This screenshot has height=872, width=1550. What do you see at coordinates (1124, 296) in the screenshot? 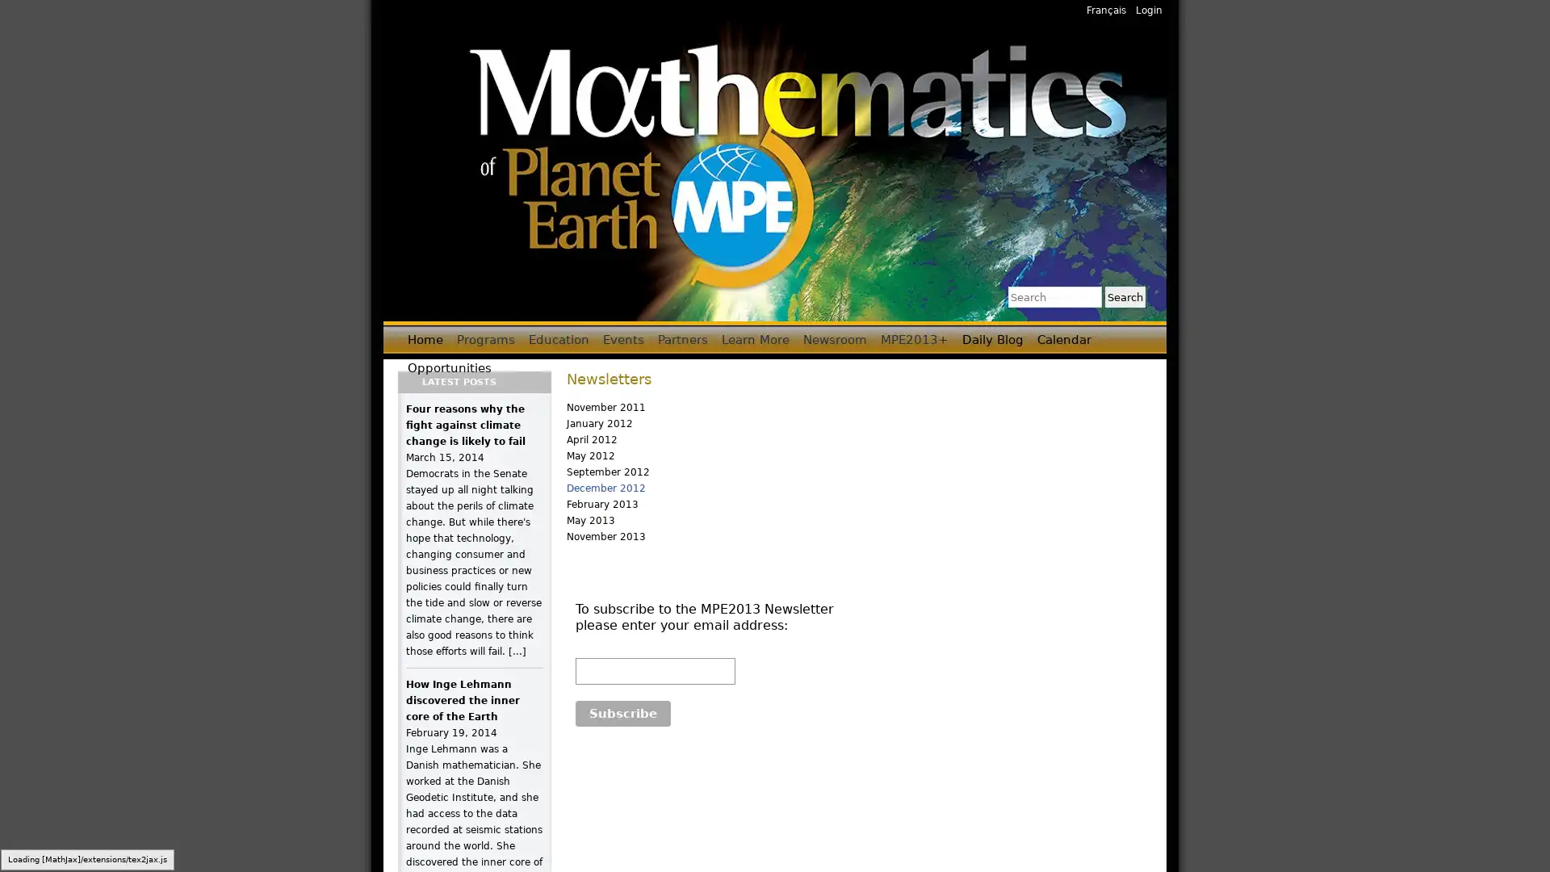
I see `Search` at bounding box center [1124, 296].